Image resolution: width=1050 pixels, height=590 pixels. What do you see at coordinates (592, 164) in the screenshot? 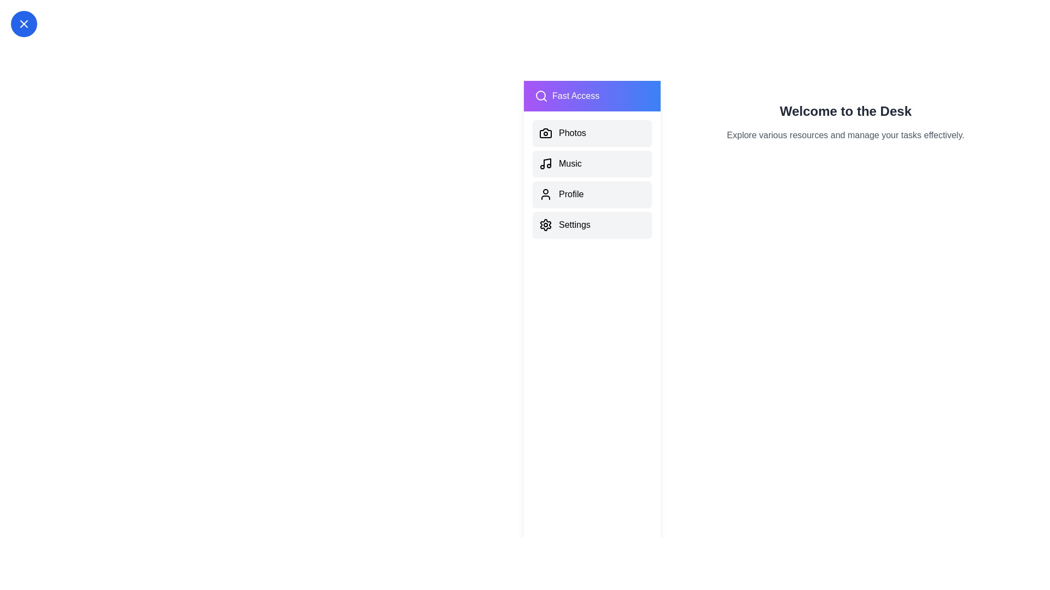
I see `the drawer item labeled Music` at bounding box center [592, 164].